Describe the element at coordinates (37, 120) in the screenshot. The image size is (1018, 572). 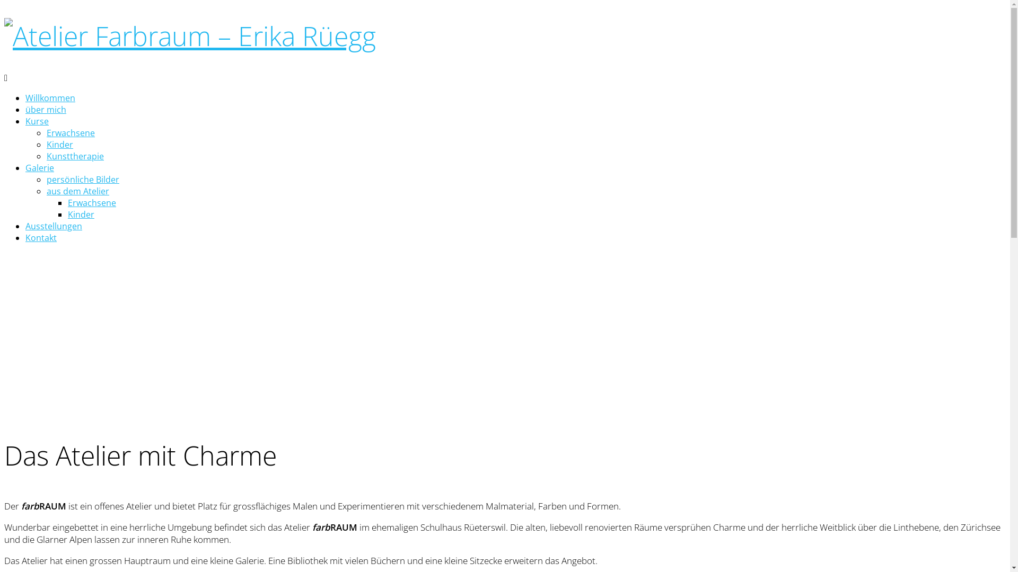
I see `'Kurse'` at that location.